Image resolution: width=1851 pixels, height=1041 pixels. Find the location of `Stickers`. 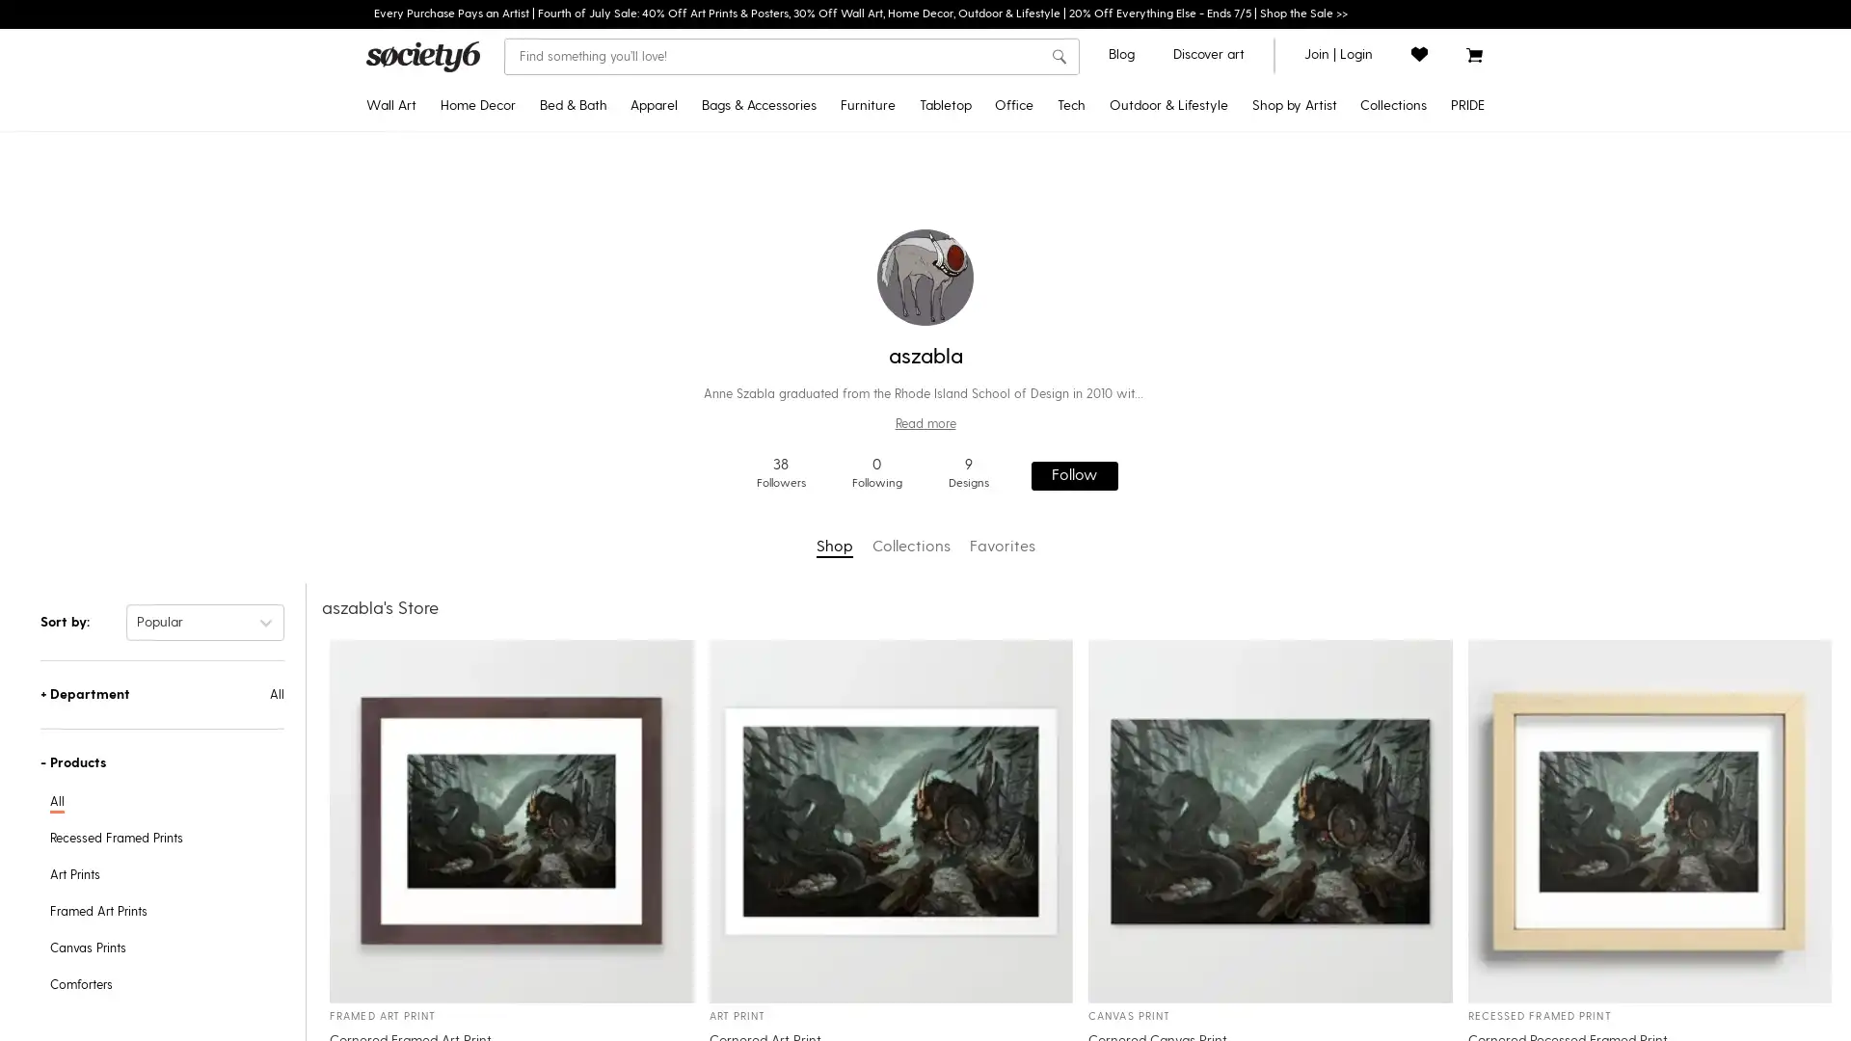

Stickers is located at coordinates (1061, 186).